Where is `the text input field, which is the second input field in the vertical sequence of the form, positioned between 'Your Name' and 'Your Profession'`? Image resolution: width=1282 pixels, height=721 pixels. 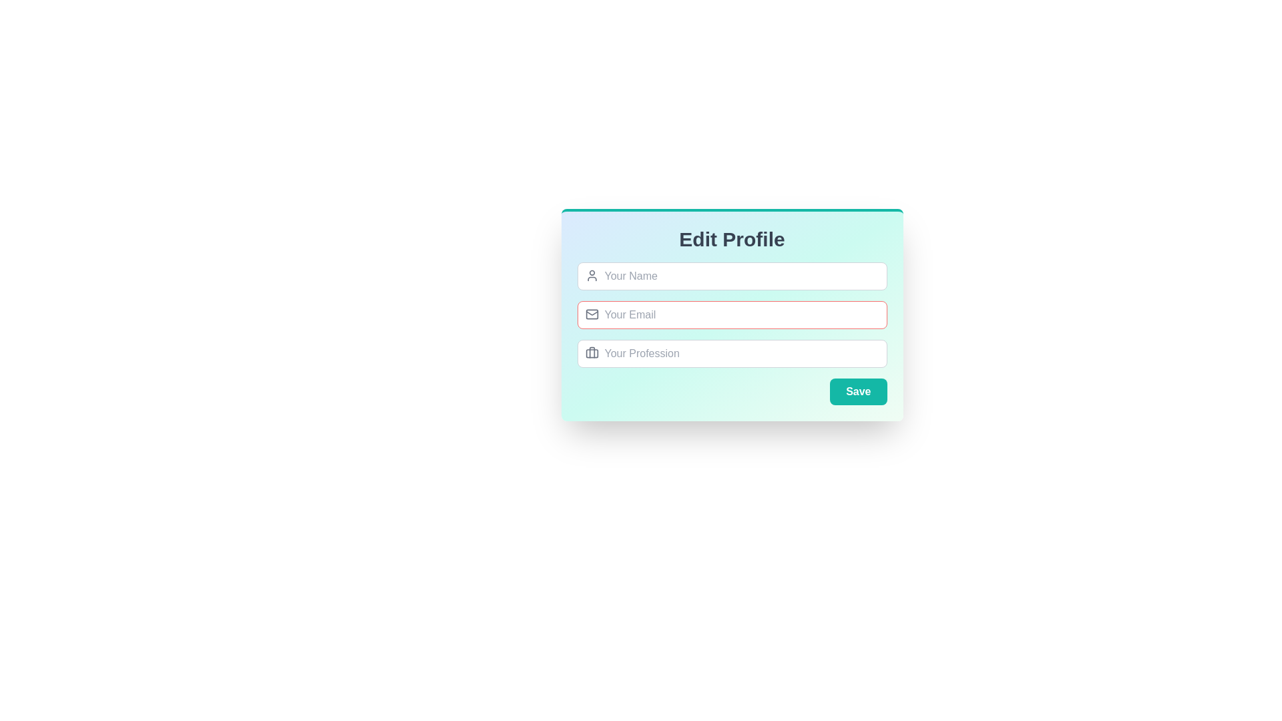 the text input field, which is the second input field in the vertical sequence of the form, positioned between 'Your Name' and 'Your Profession' is located at coordinates (731, 333).